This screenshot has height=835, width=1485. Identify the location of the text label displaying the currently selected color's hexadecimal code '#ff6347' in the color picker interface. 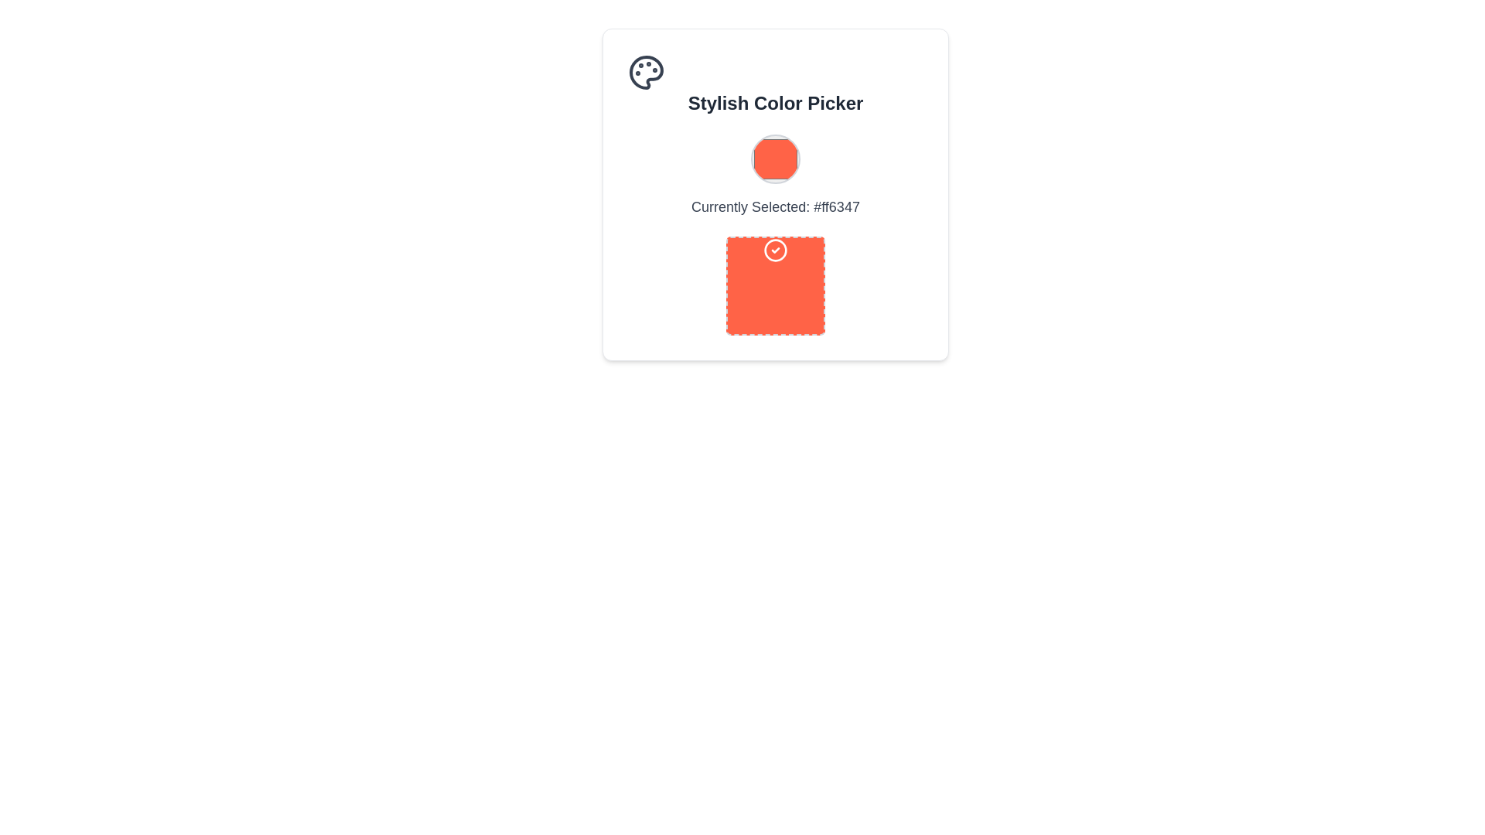
(836, 206).